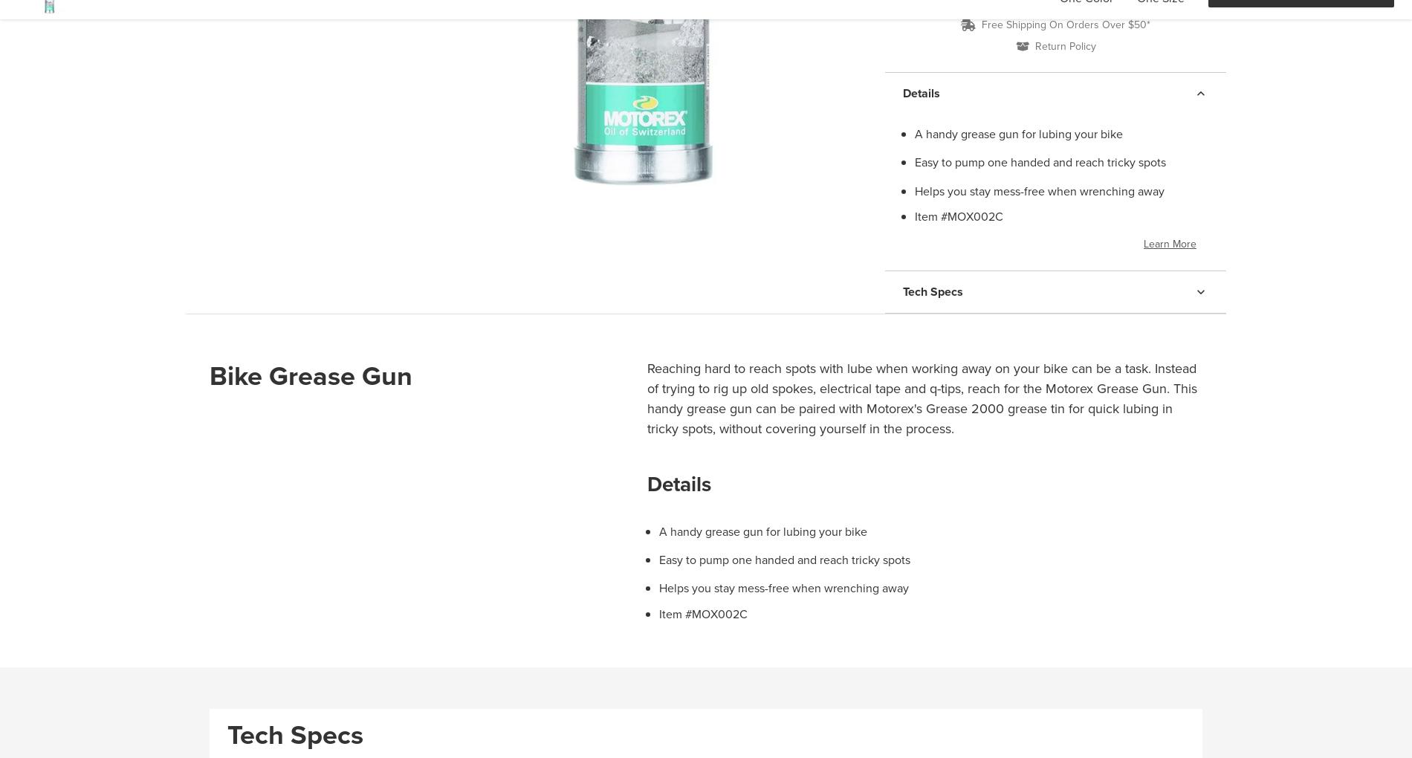  Describe the element at coordinates (920, 397) in the screenshot. I see `'Reaching hard to reach spots with lube when working away on your bike can be a task. Instead of trying to rig up old spokes, electrical tape and q-tips, reach for the Motorex Grease Gun. This handy grease gun can be paired with Motorex's Grease 2000 grease tin for quick lubing in tricky spots, without covering yourself in the process.'` at that location.